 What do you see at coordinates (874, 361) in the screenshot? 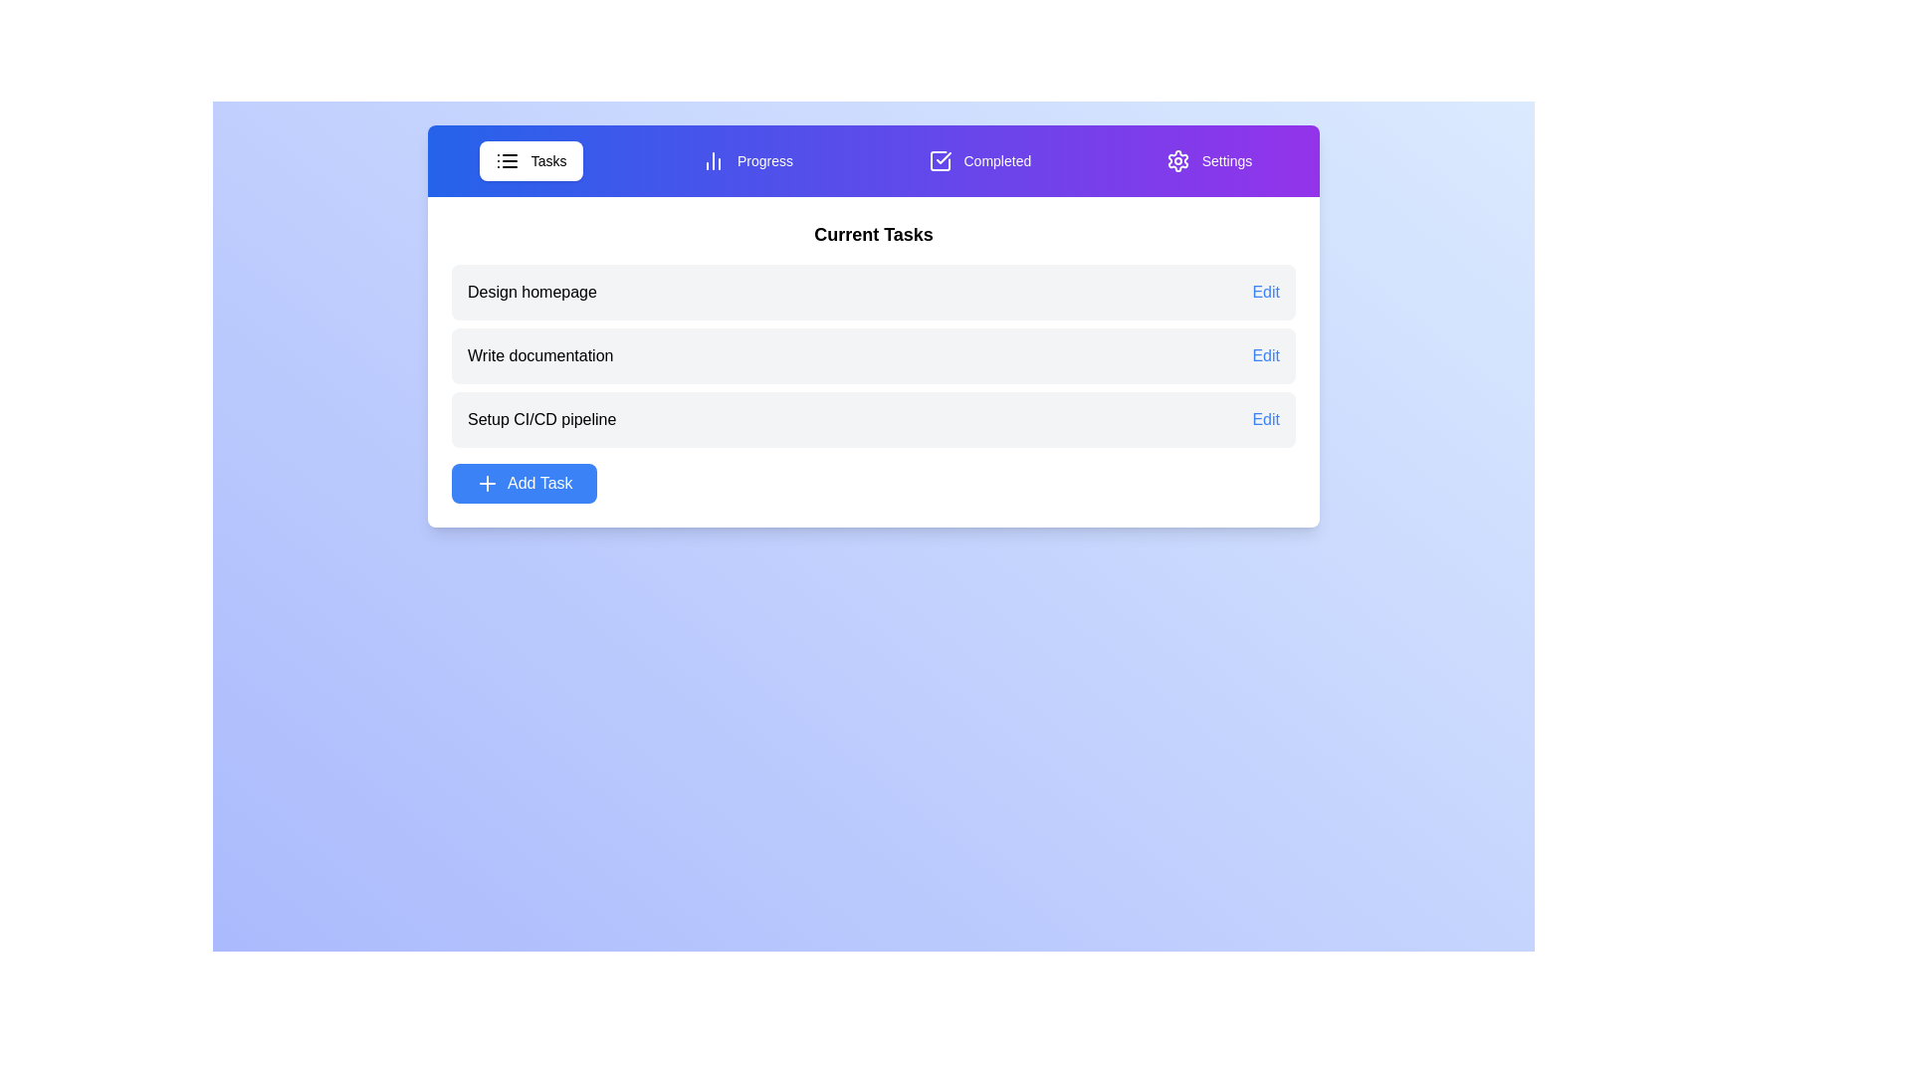
I see `a task in the 'Current Tasks' section` at bounding box center [874, 361].